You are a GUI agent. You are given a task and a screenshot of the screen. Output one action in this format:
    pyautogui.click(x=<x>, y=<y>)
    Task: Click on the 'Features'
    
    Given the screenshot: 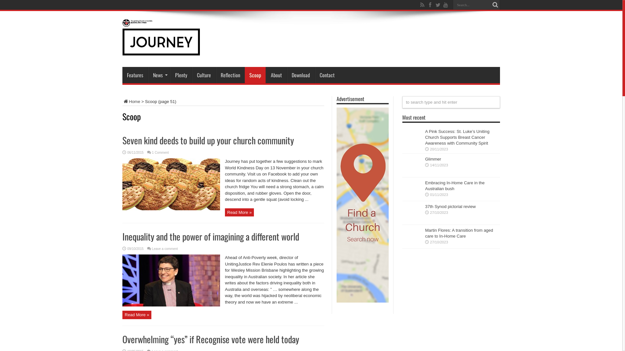 What is the action you would take?
    pyautogui.click(x=134, y=75)
    